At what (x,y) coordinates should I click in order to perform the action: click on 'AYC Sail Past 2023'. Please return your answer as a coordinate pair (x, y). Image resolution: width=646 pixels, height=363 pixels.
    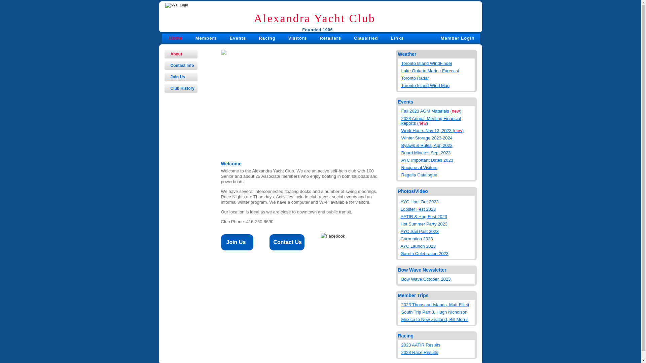
    Looking at the image, I should click on (436, 231).